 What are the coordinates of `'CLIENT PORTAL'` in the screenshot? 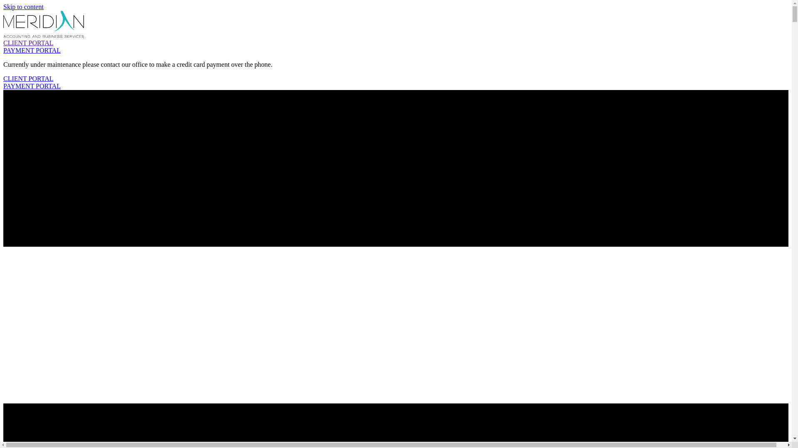 It's located at (28, 43).